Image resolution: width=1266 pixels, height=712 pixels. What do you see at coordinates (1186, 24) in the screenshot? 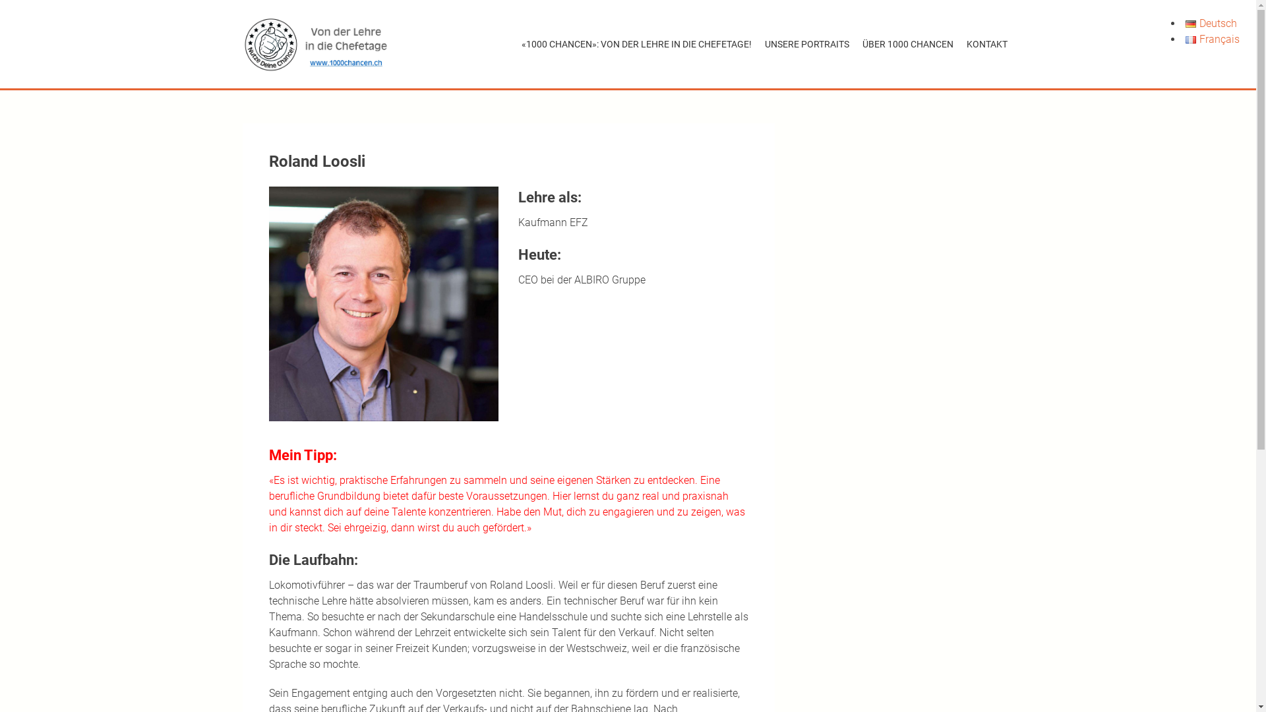
I see `'Deutsch'` at bounding box center [1186, 24].